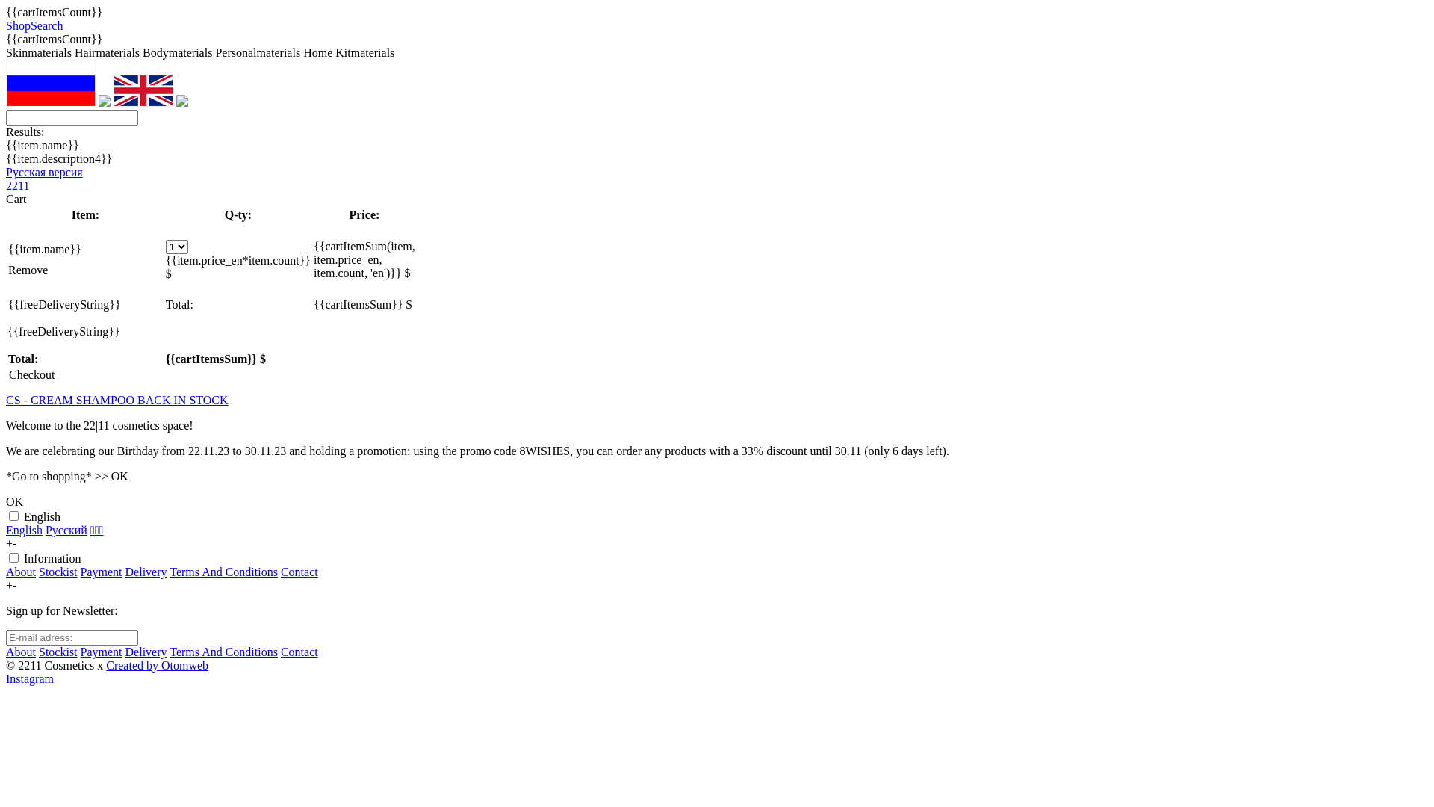  I want to click on 'English', so click(24, 529).